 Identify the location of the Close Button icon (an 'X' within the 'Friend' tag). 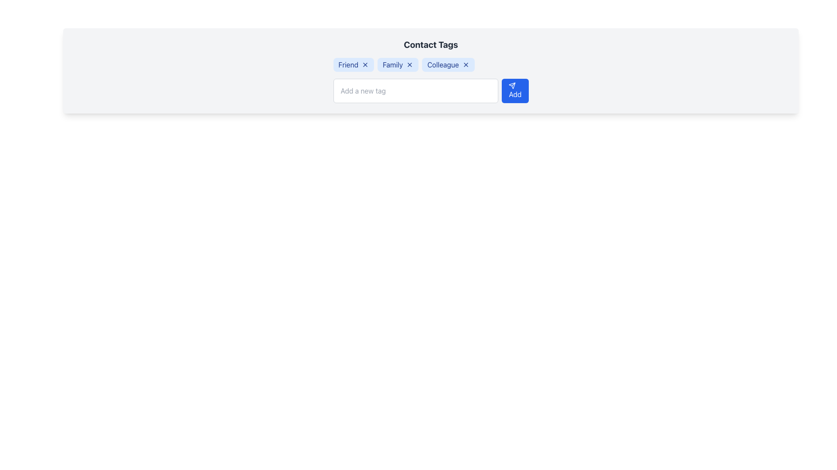
(365, 64).